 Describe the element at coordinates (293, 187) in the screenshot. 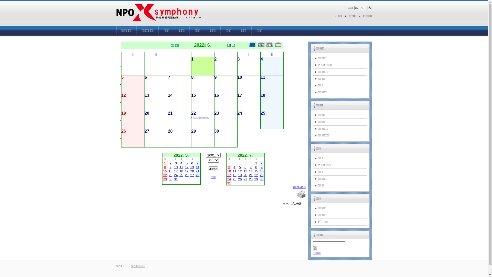

I see `'piCal-0.8'` at that location.